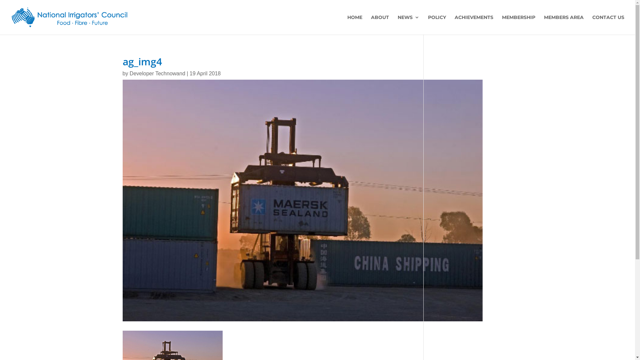 This screenshot has height=360, width=640. I want to click on 'NEWS', so click(408, 24).